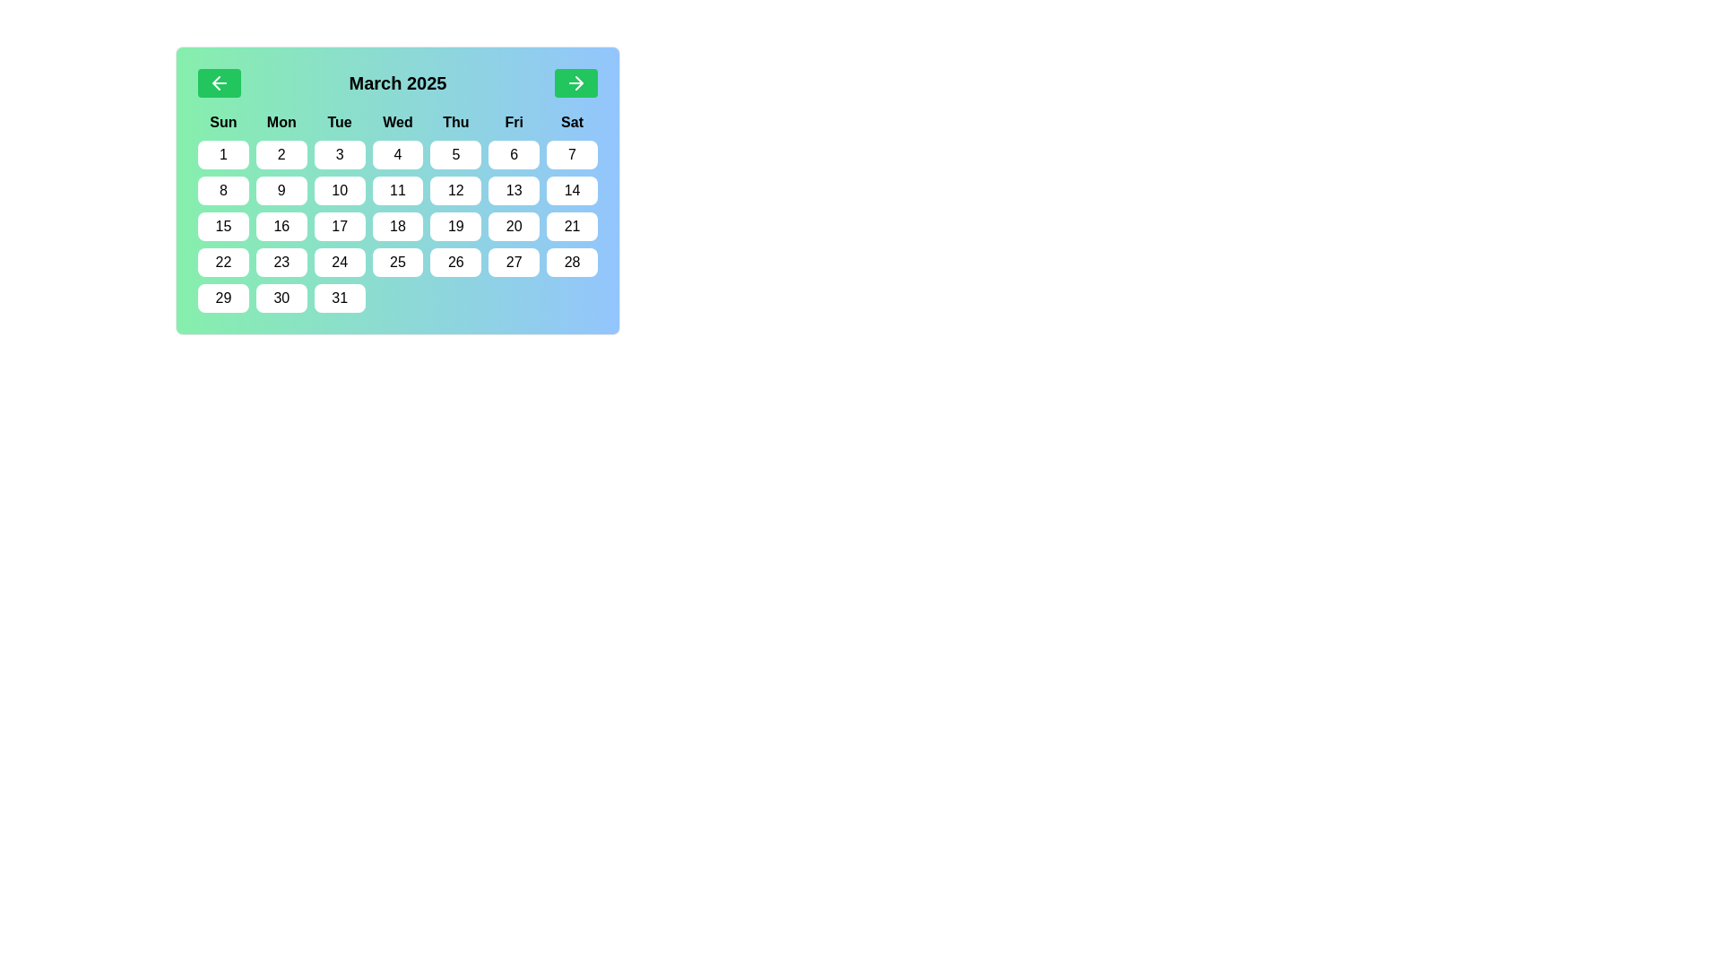 This screenshot has width=1721, height=968. Describe the element at coordinates (281, 263) in the screenshot. I see `the rounded rectangular button displaying the number '23' in a bold, black font, located in the fourth row and second column of the calendar grid` at that location.